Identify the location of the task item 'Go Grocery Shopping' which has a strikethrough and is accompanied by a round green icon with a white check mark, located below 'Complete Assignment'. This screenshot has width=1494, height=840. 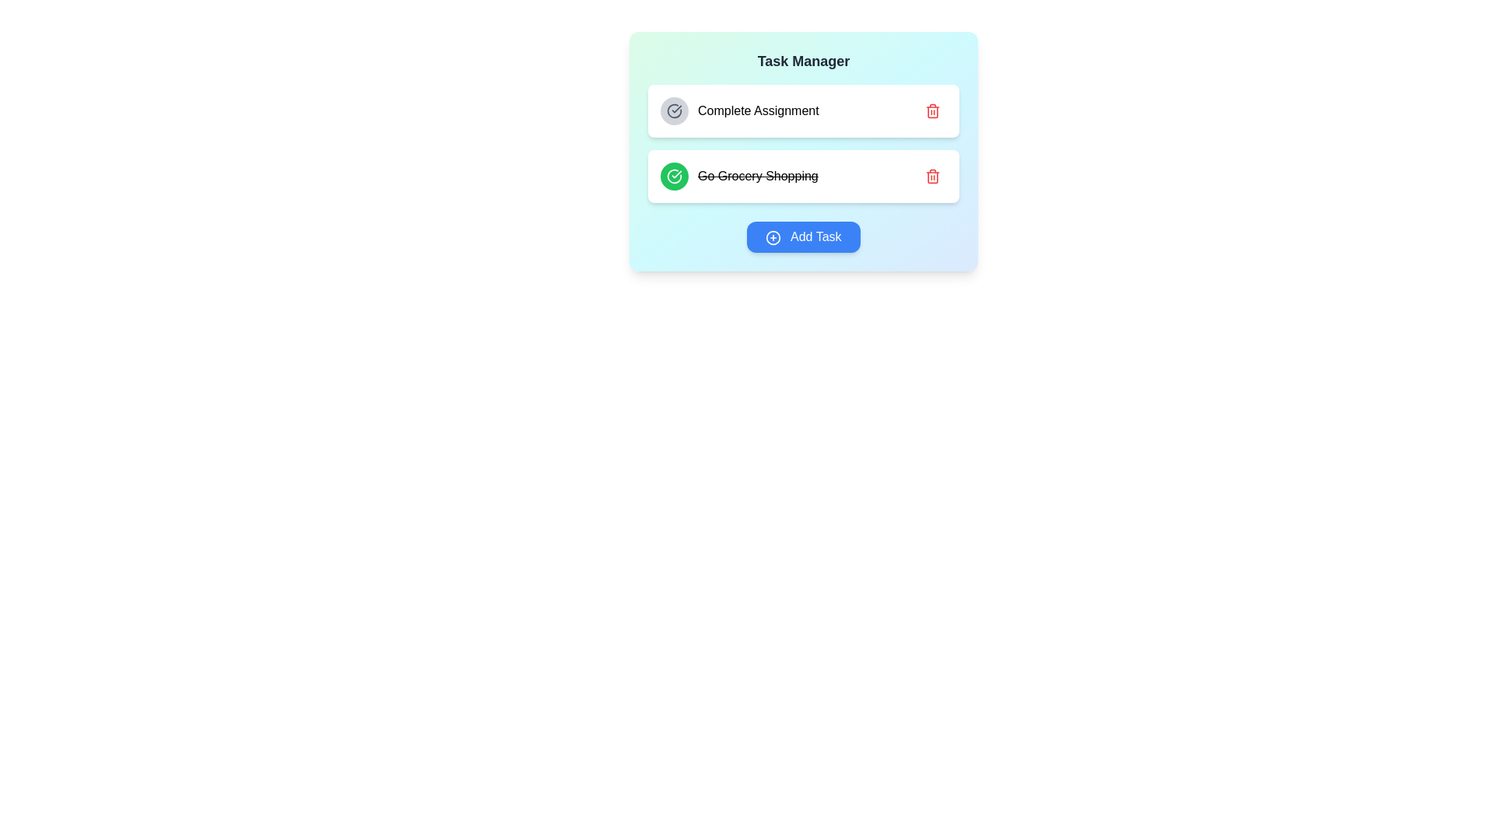
(738, 176).